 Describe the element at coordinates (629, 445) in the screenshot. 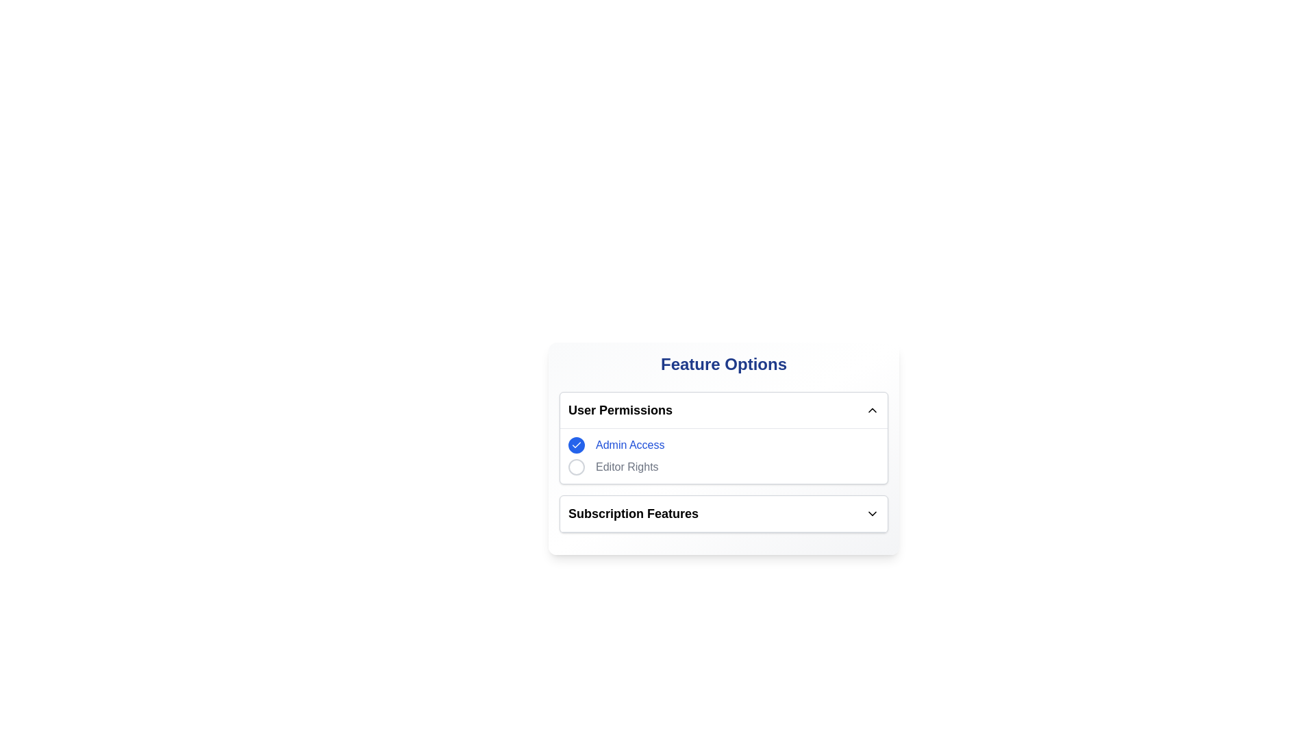

I see `text label indicating the type of access being granted within the 'User Permissions' feature, positioned next to the blue circular icon as the first option` at that location.